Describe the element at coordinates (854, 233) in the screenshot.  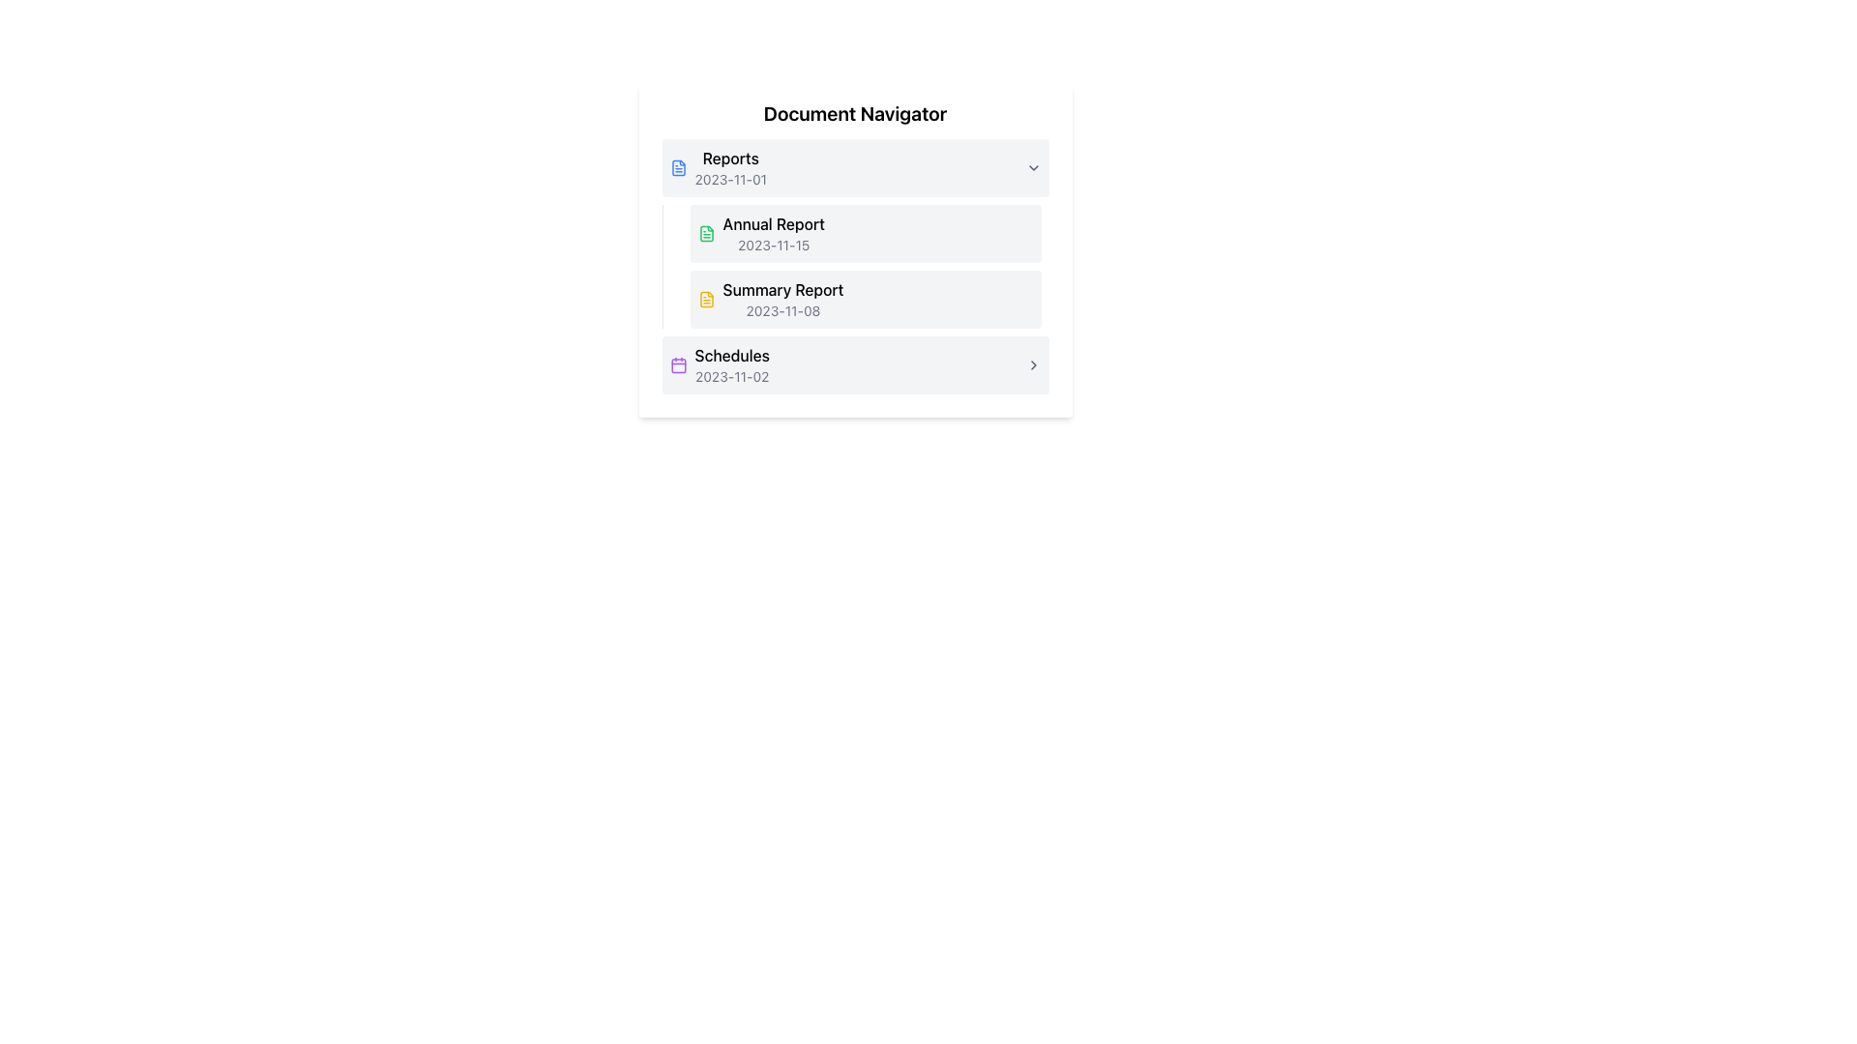
I see `the list entry representing the 'Annual Report' document` at that location.